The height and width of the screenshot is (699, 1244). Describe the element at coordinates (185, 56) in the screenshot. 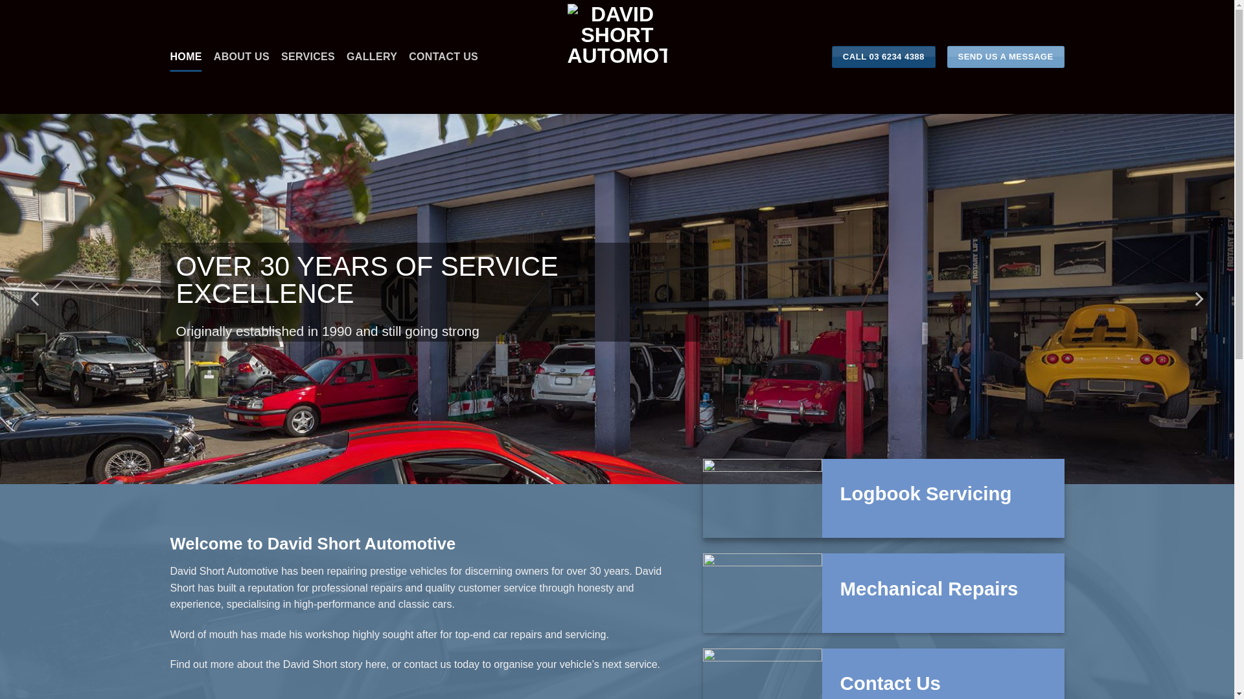

I see `'HOME'` at that location.